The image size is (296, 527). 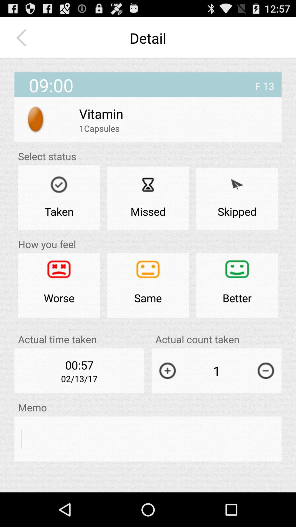 What do you see at coordinates (22, 40) in the screenshot?
I see `the arrow_backward icon` at bounding box center [22, 40].